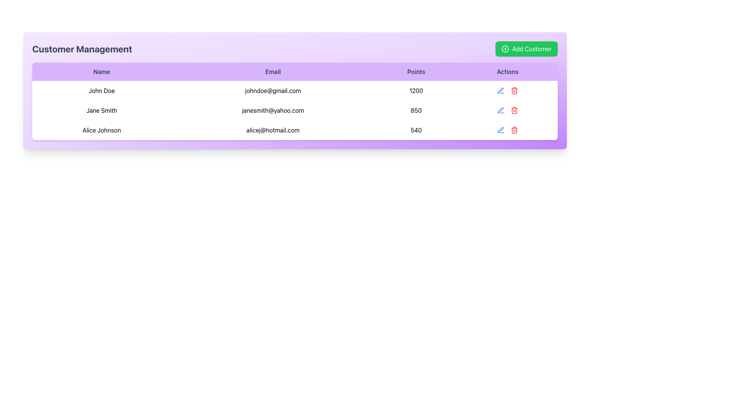 The height and width of the screenshot is (410, 729). I want to click on the blue pen icon located in the 'Actions' column of the last row in the table, so click(500, 129).